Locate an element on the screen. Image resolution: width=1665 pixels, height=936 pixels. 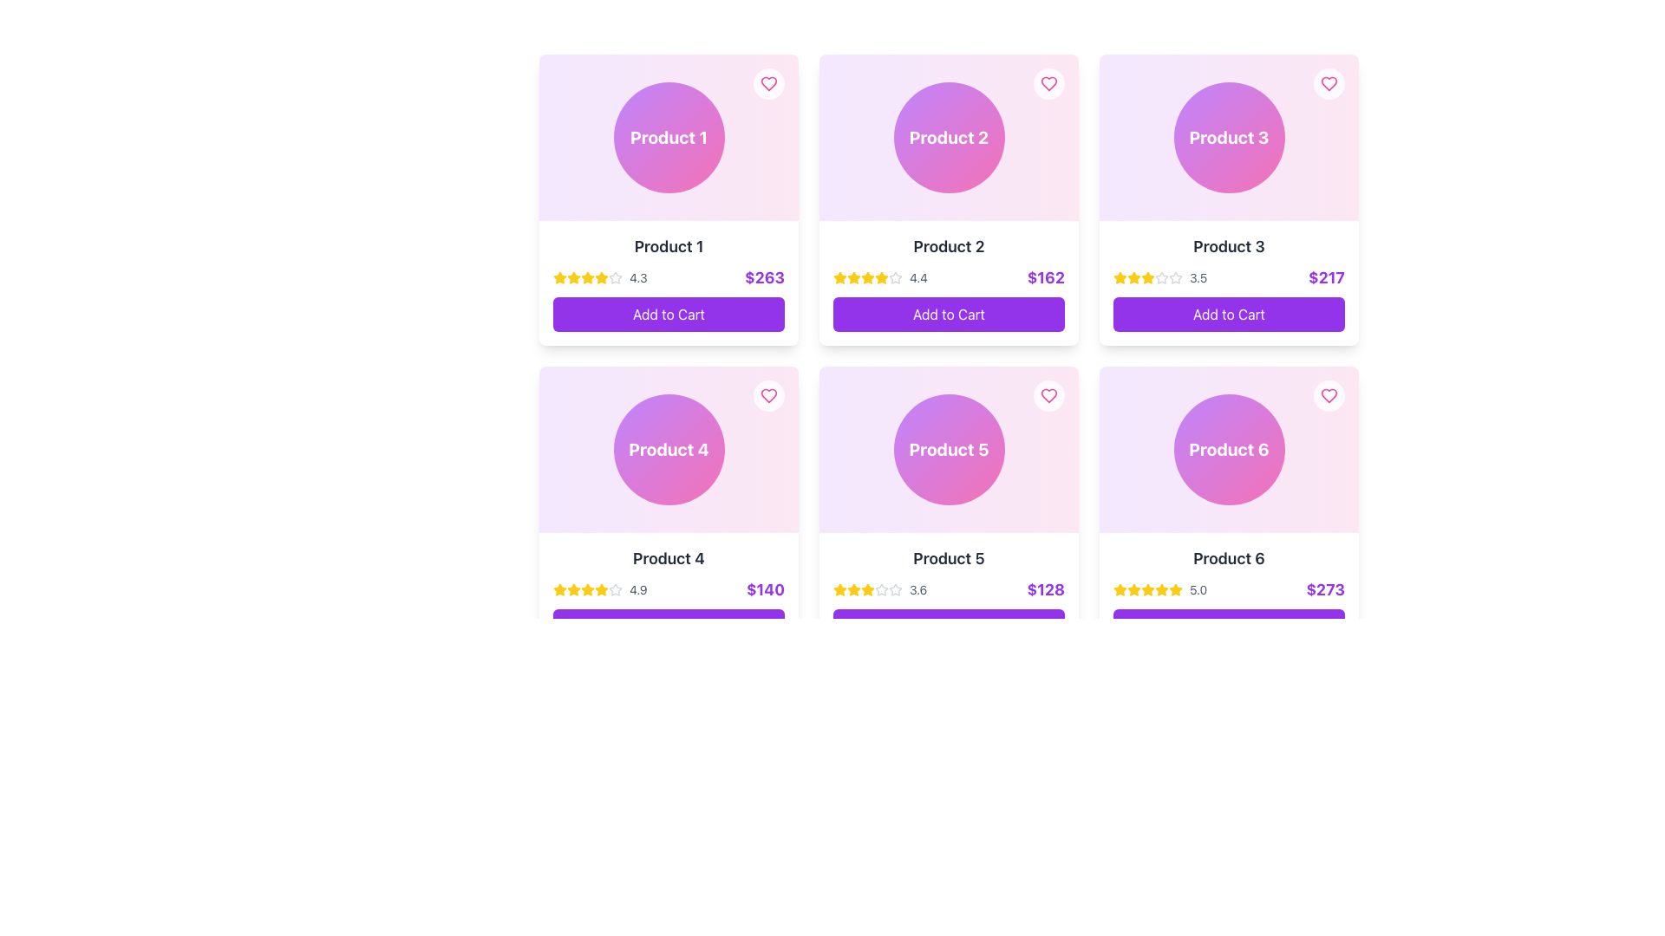
the 'favorite' button for the 'Product 3' card located at the top-right corner of the card is located at coordinates (1328, 83).